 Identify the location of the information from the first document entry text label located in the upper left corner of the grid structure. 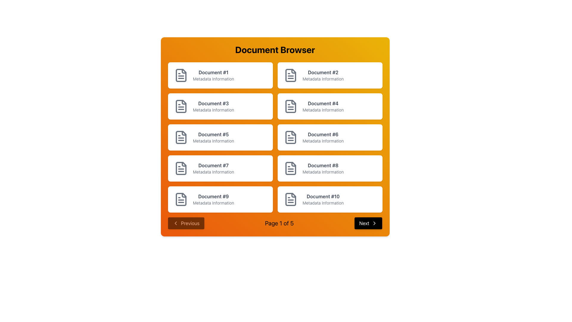
(213, 72).